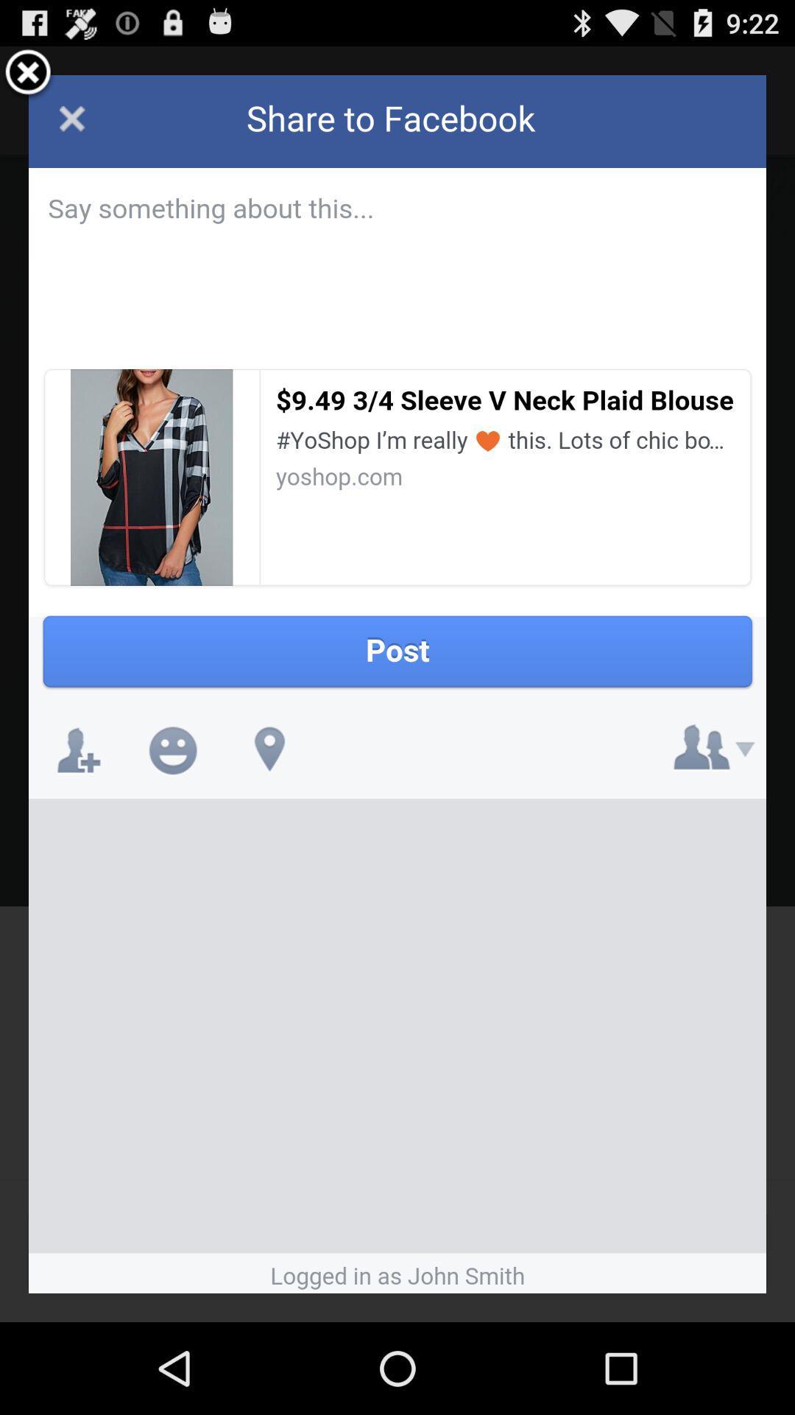 The image size is (795, 1415). I want to click on share the post, so click(397, 683).